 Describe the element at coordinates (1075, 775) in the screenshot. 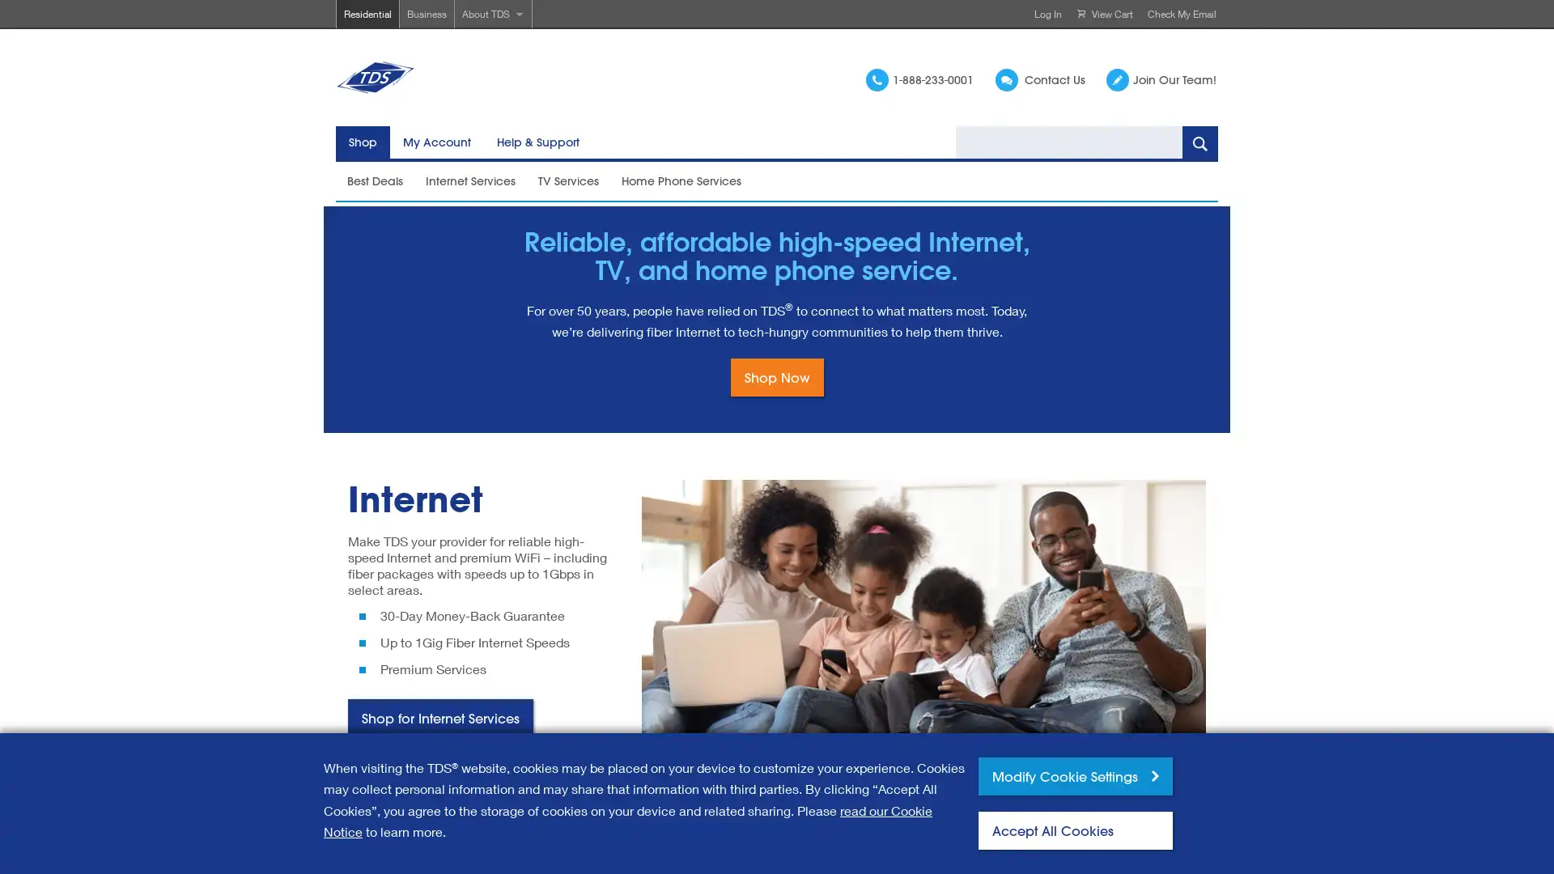

I see `Modify Cookie Settings` at that location.